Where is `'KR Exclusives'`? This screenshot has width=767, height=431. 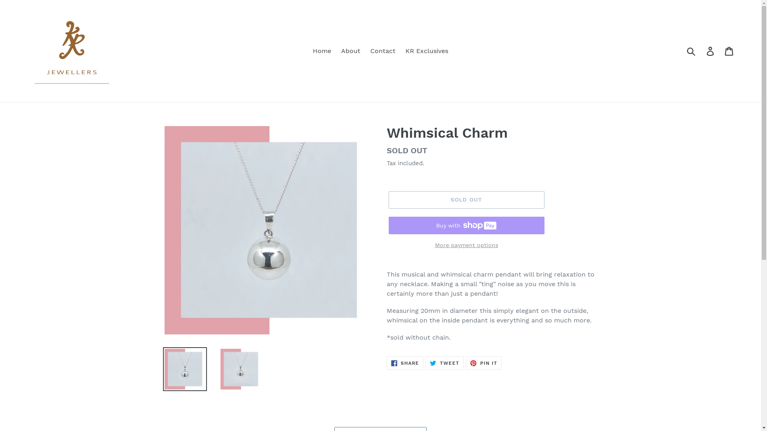
'KR Exclusives' is located at coordinates (401, 51).